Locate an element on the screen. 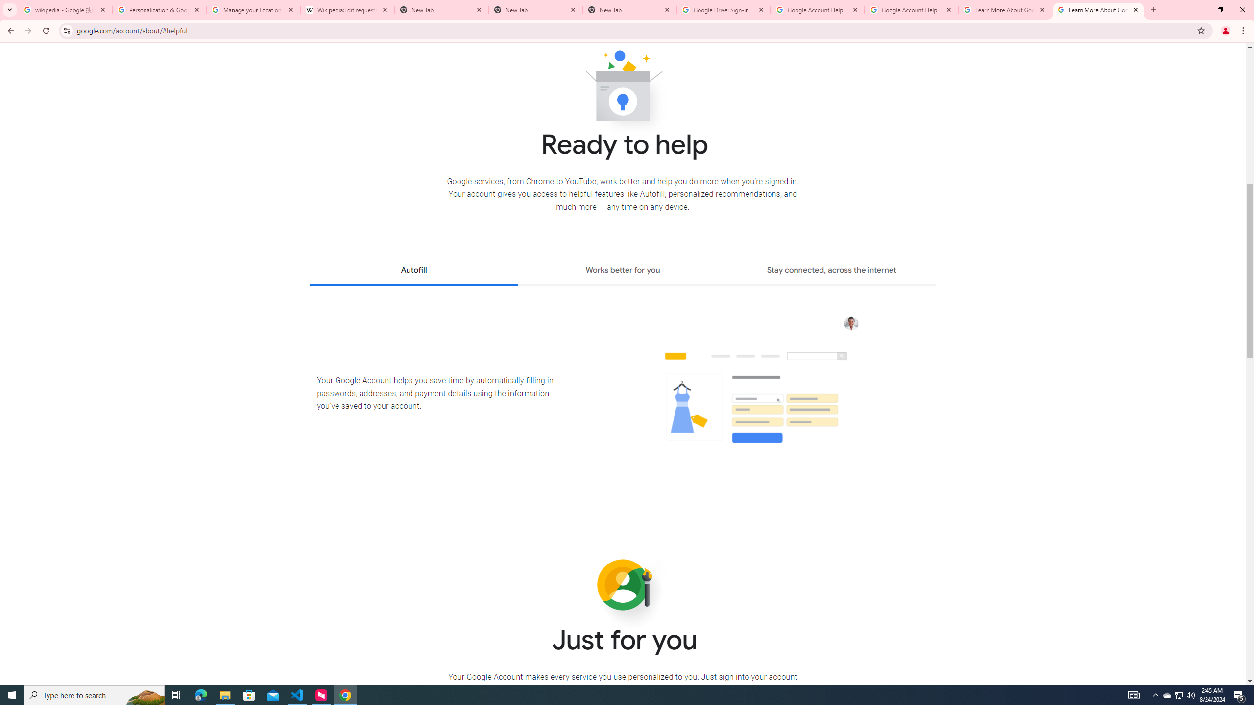 This screenshot has height=705, width=1254. 'Manage your Location History - Google Search Help' is located at coordinates (253, 9).